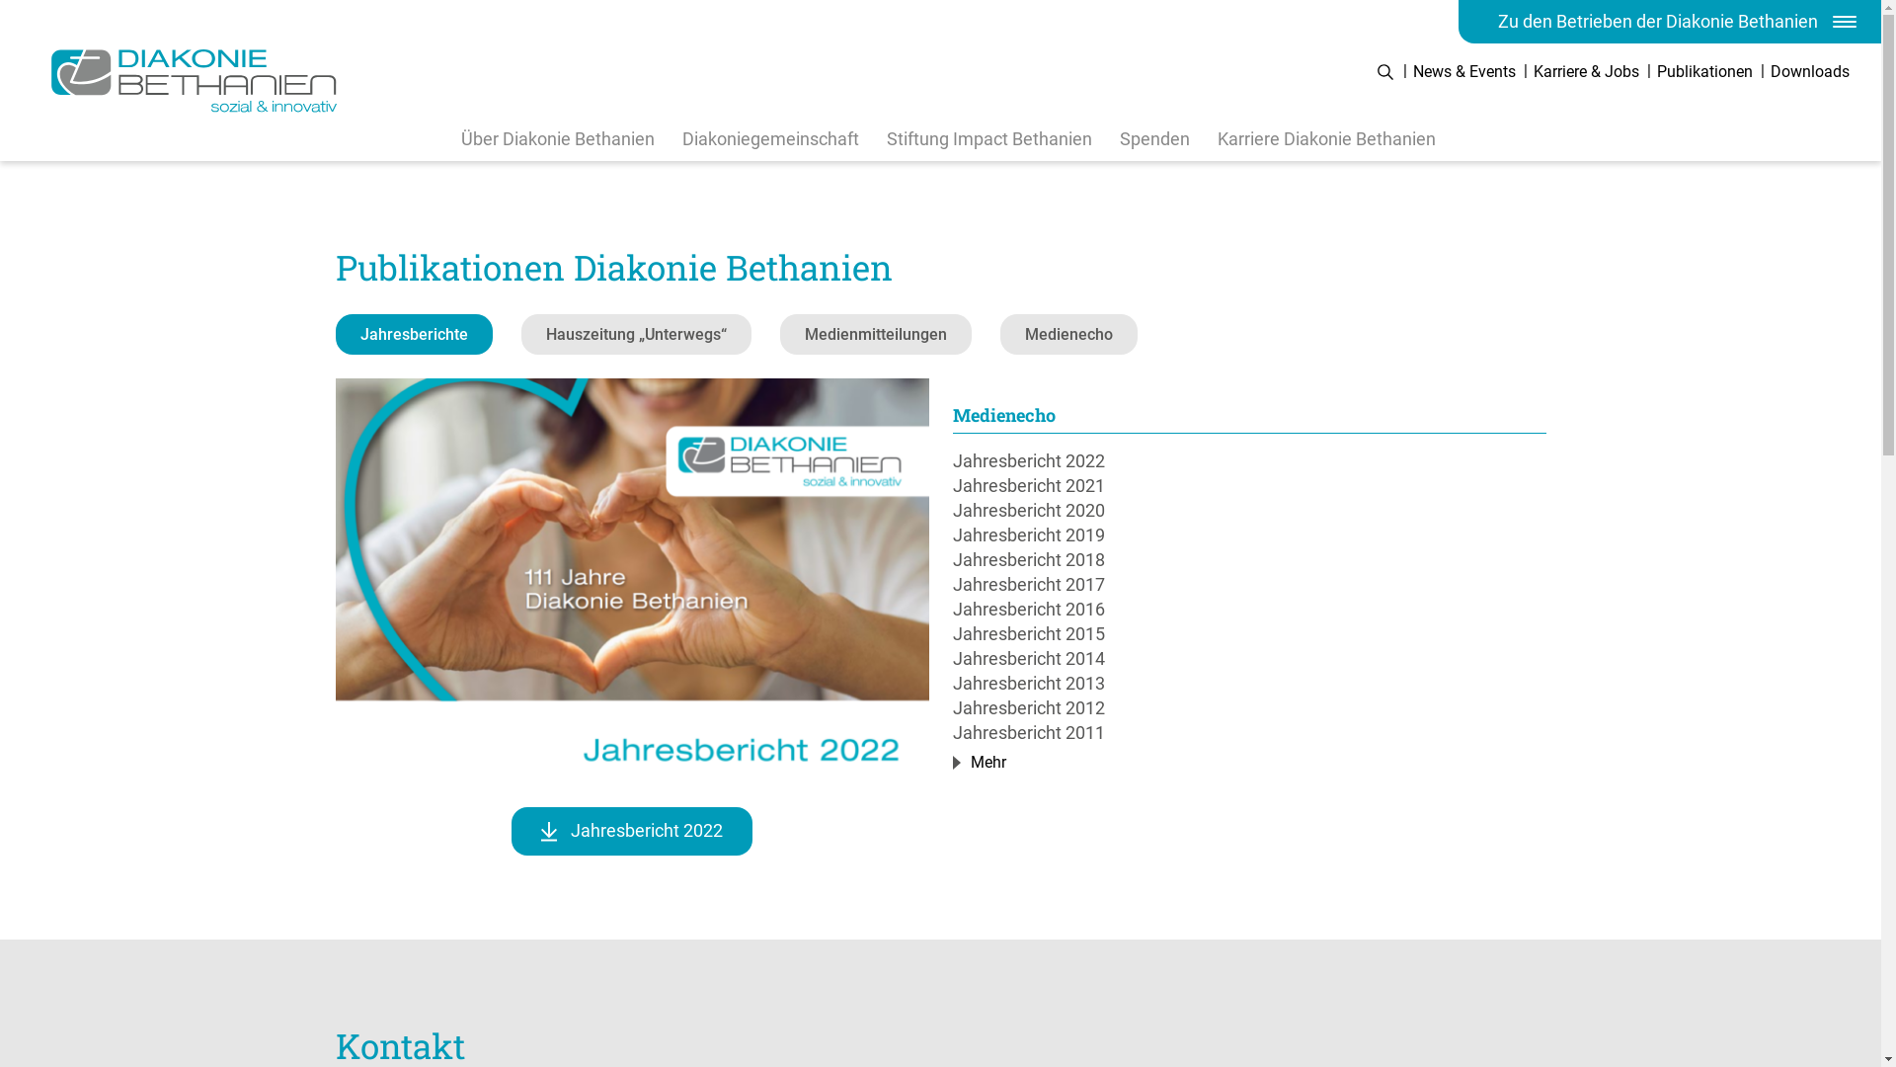 The width and height of the screenshot is (1896, 1067). I want to click on 'Medienmitteilungen', so click(779, 333).